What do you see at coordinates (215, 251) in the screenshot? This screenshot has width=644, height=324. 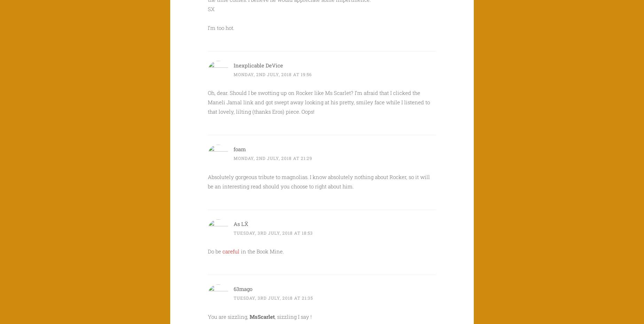 I see `'Do be'` at bounding box center [215, 251].